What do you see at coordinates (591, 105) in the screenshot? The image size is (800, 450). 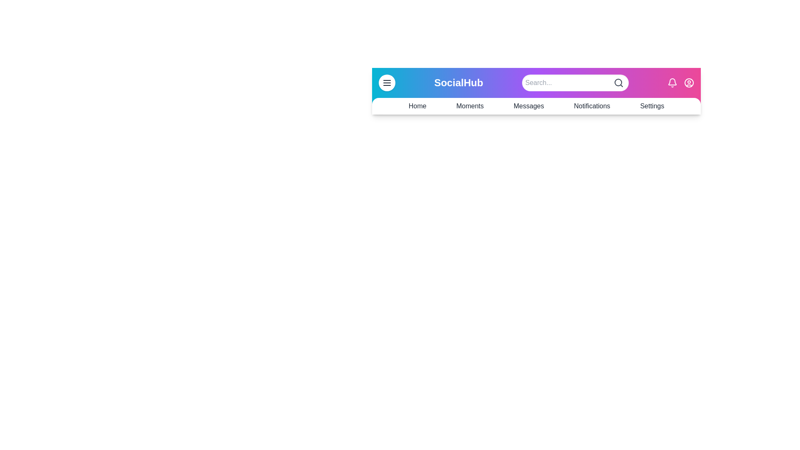 I see `the navigation link labeled Notifications` at bounding box center [591, 105].